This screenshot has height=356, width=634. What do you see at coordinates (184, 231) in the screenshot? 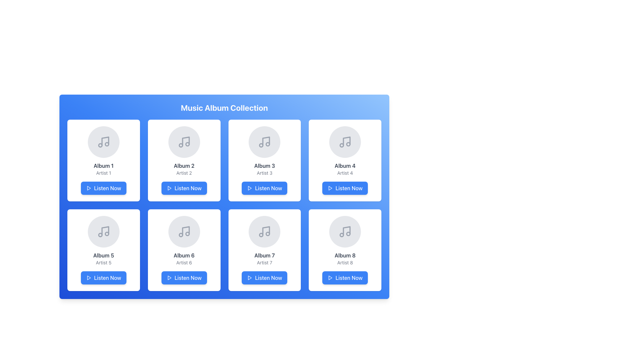
I see `the decorative icon for 'Album 6' by 'Artist 6', which is located in the center of the album card, above the 'Listen Now' button` at bounding box center [184, 231].